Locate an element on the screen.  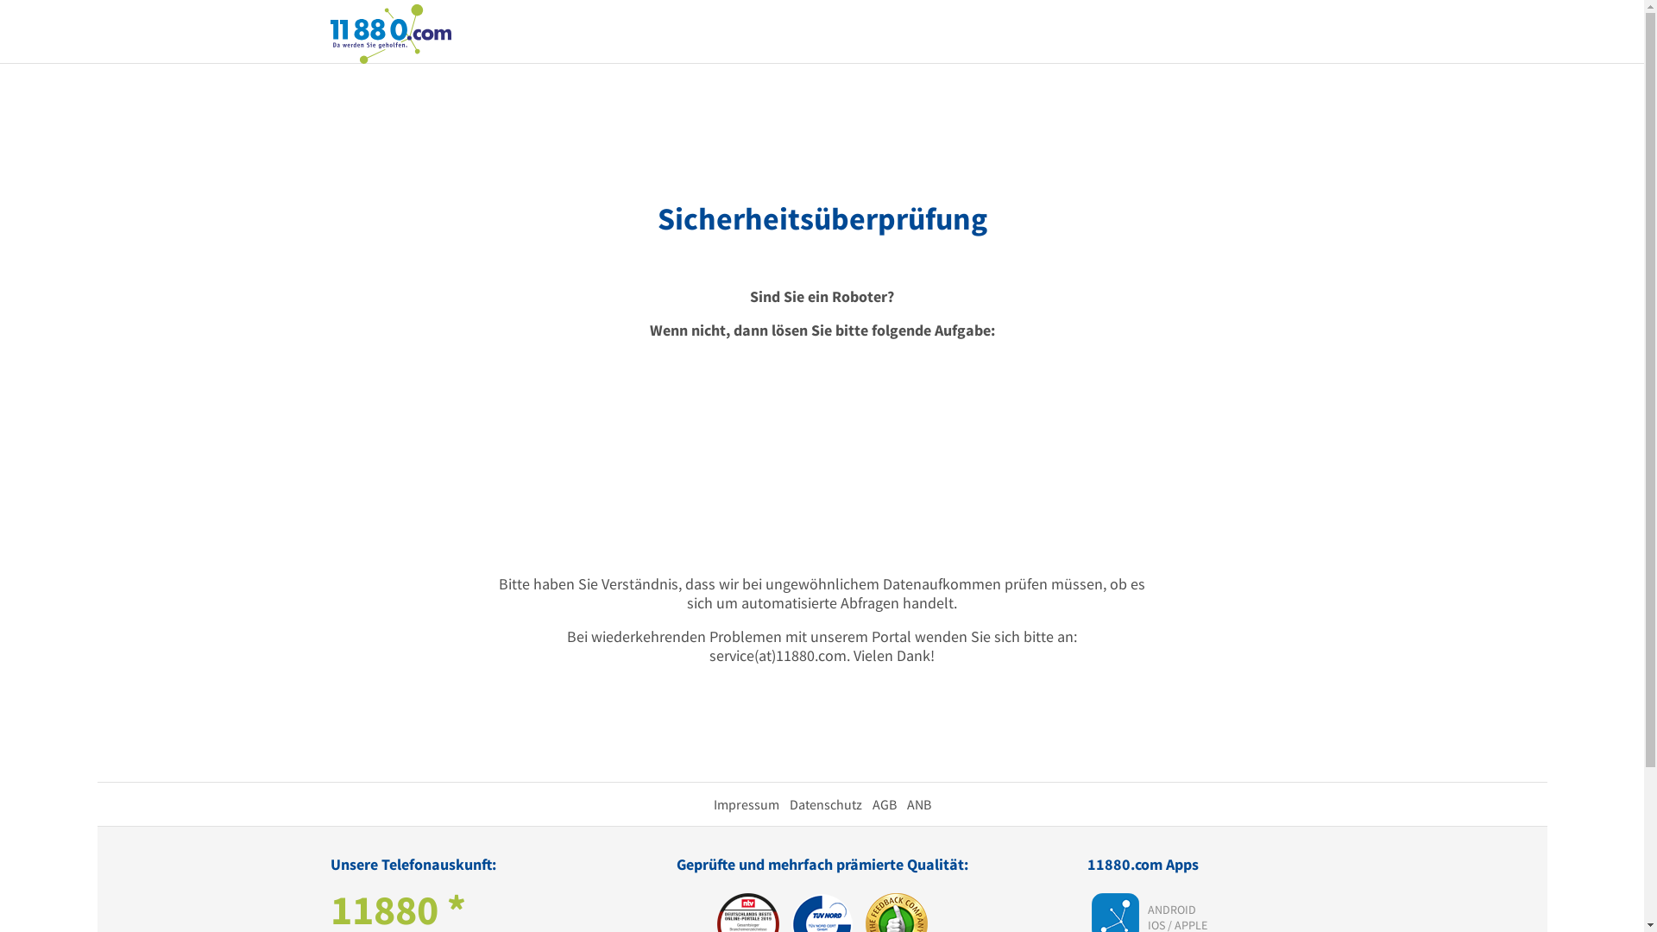
'11880.com' is located at coordinates (388, 32).